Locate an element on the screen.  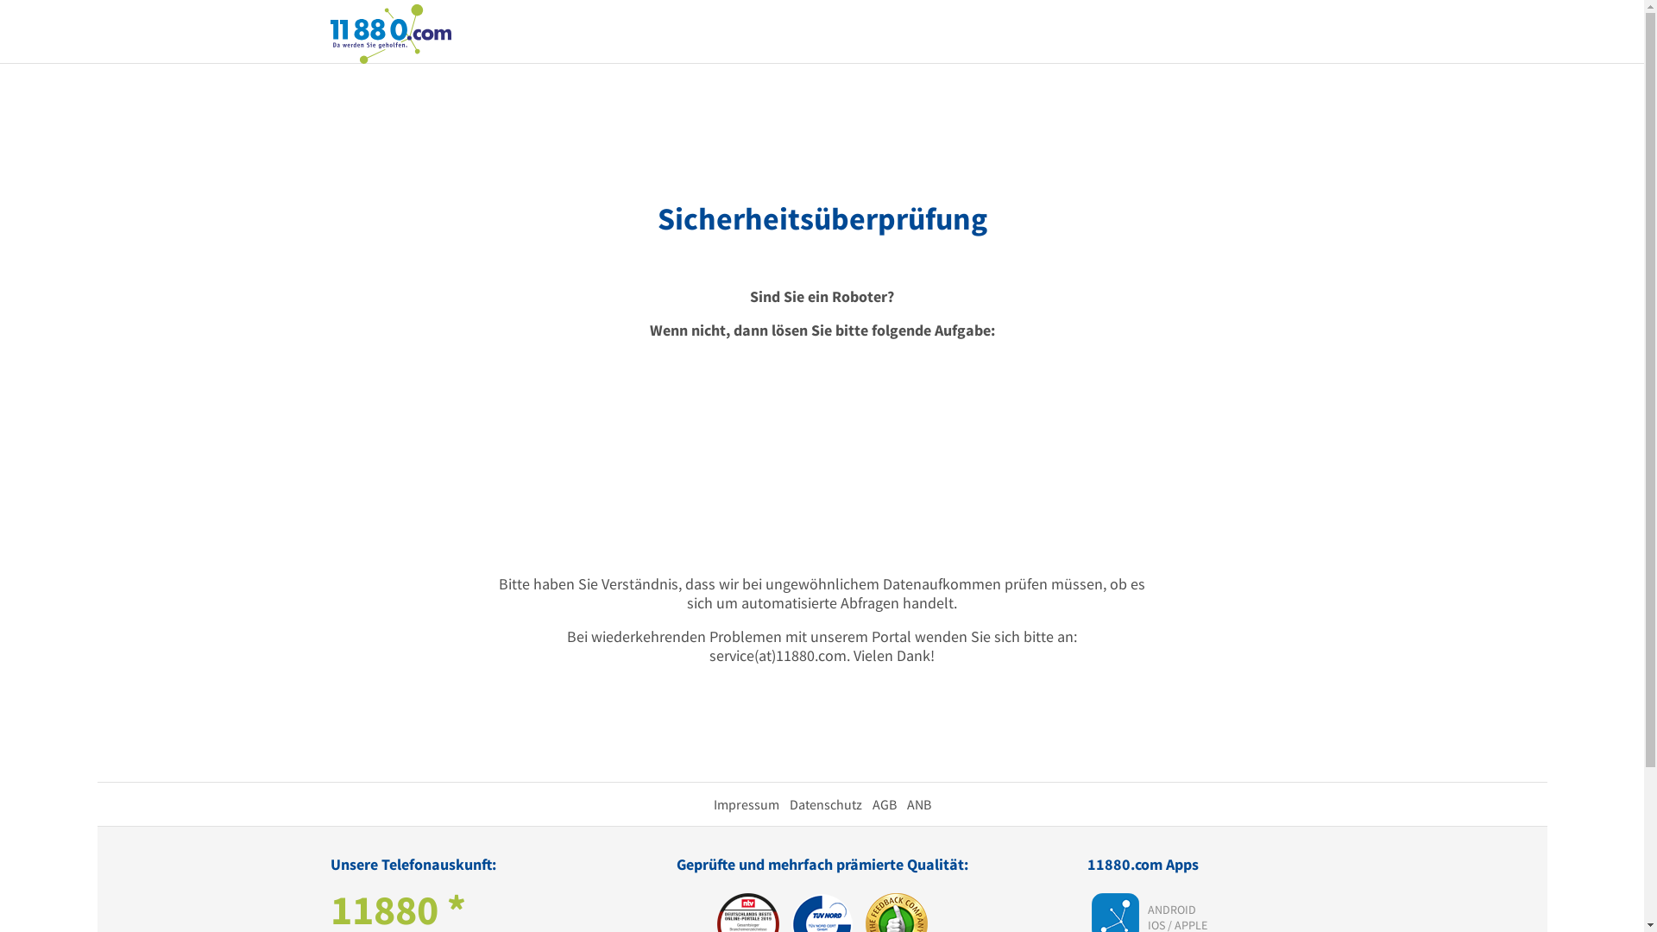
'11880.com' is located at coordinates (388, 32).